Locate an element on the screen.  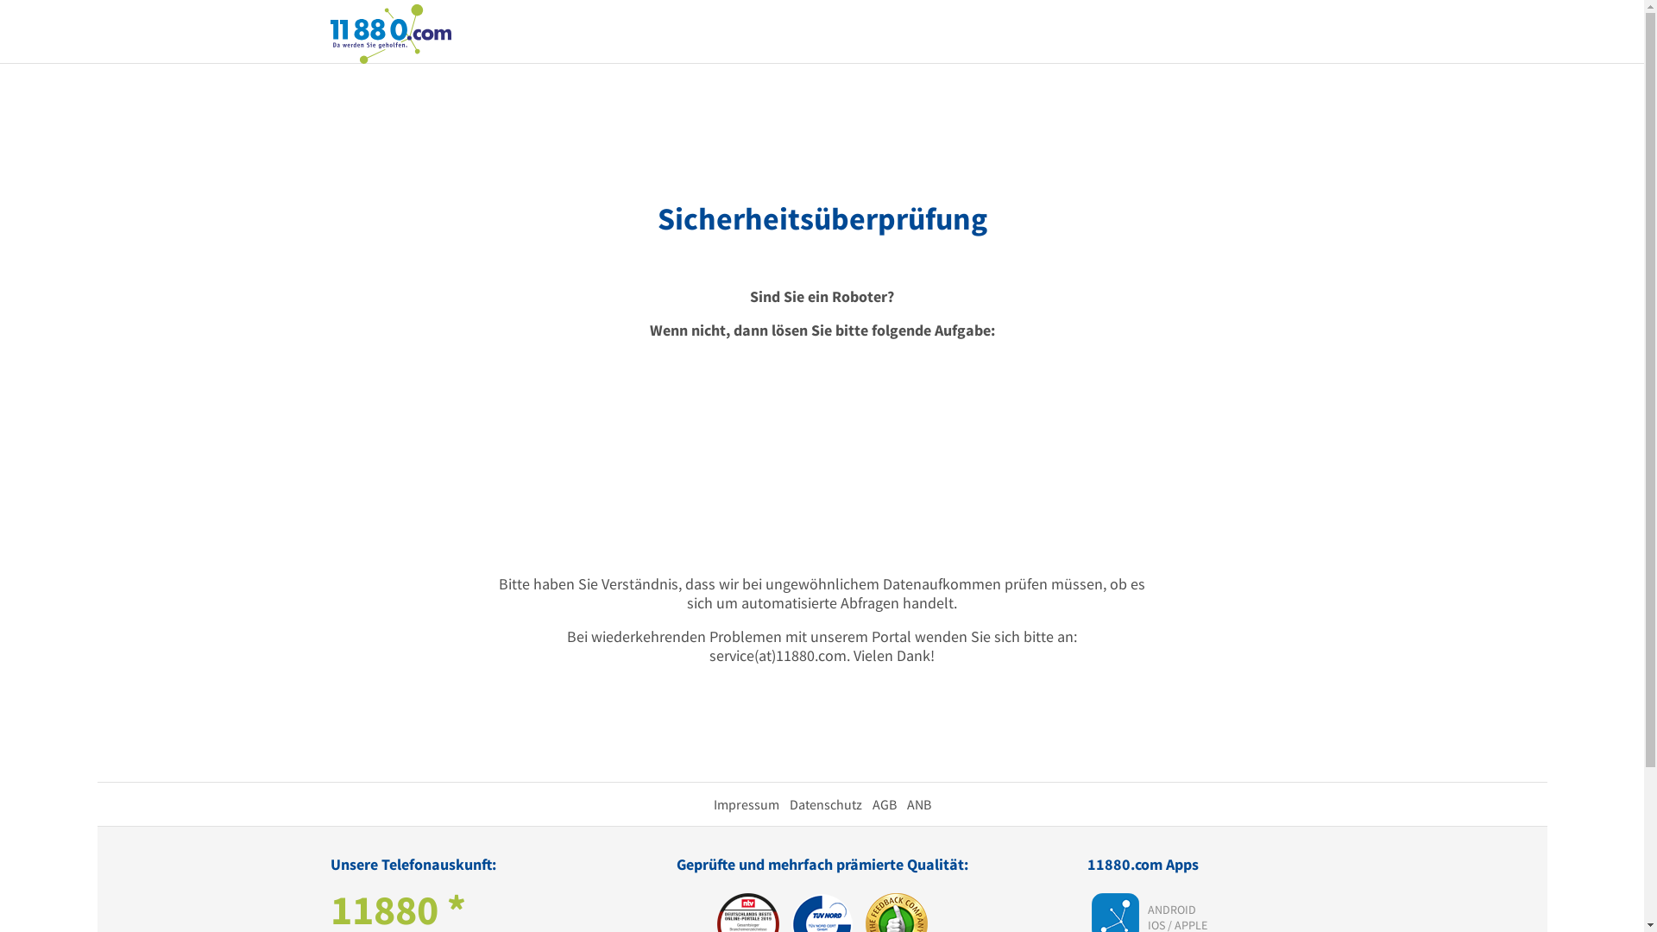
'11880.com' is located at coordinates (388, 32).